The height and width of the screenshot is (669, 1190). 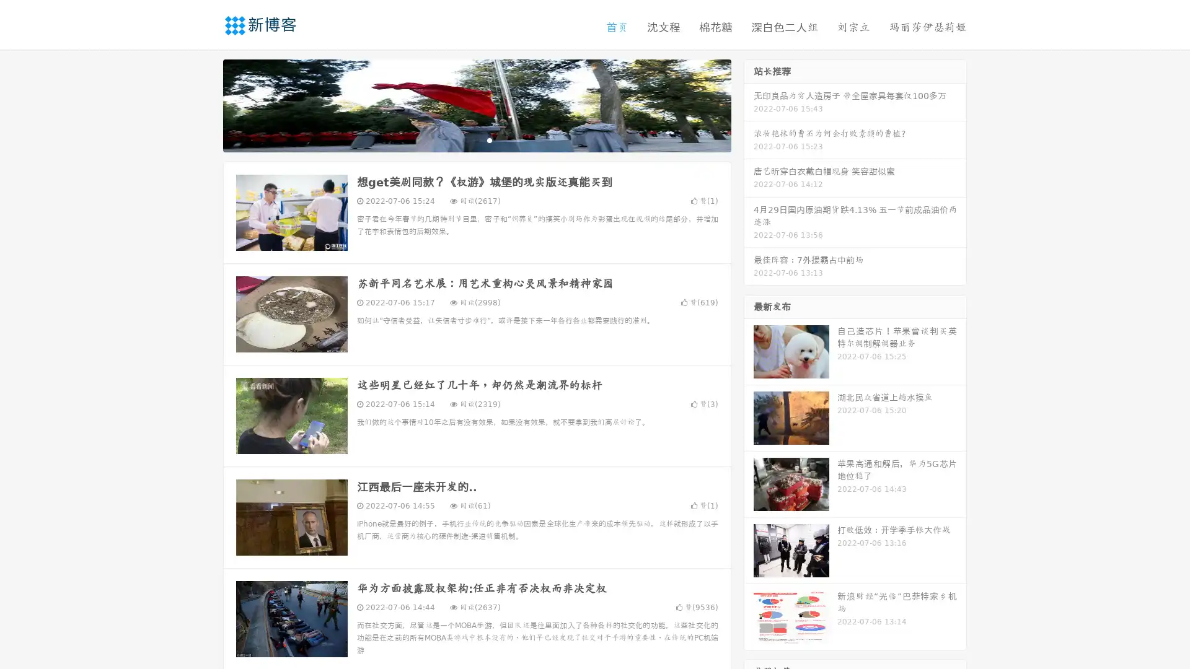 I want to click on Previous slide, so click(x=205, y=104).